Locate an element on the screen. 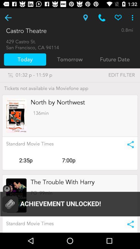  advertisement page is located at coordinates (70, 201).